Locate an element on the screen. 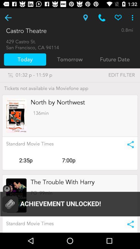  advertisement page is located at coordinates (70, 201).